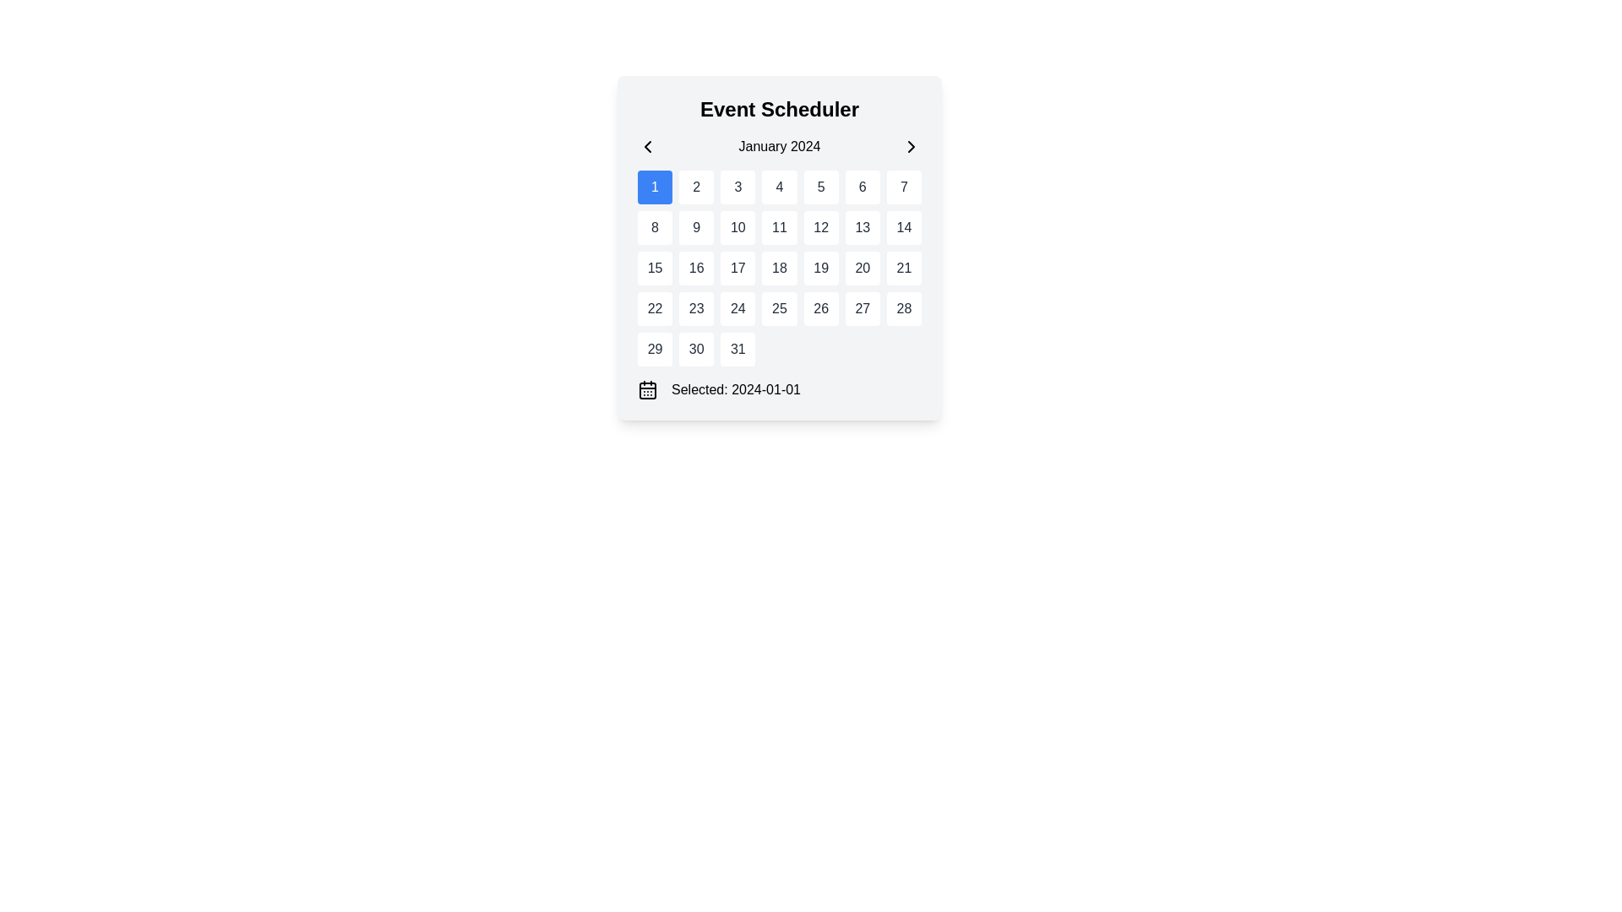 Image resolution: width=1622 pixels, height=912 pixels. I want to click on the rectangular button labeled '1' with white text on a blue background, located at the top-left corner of the grid layout, so click(654, 187).